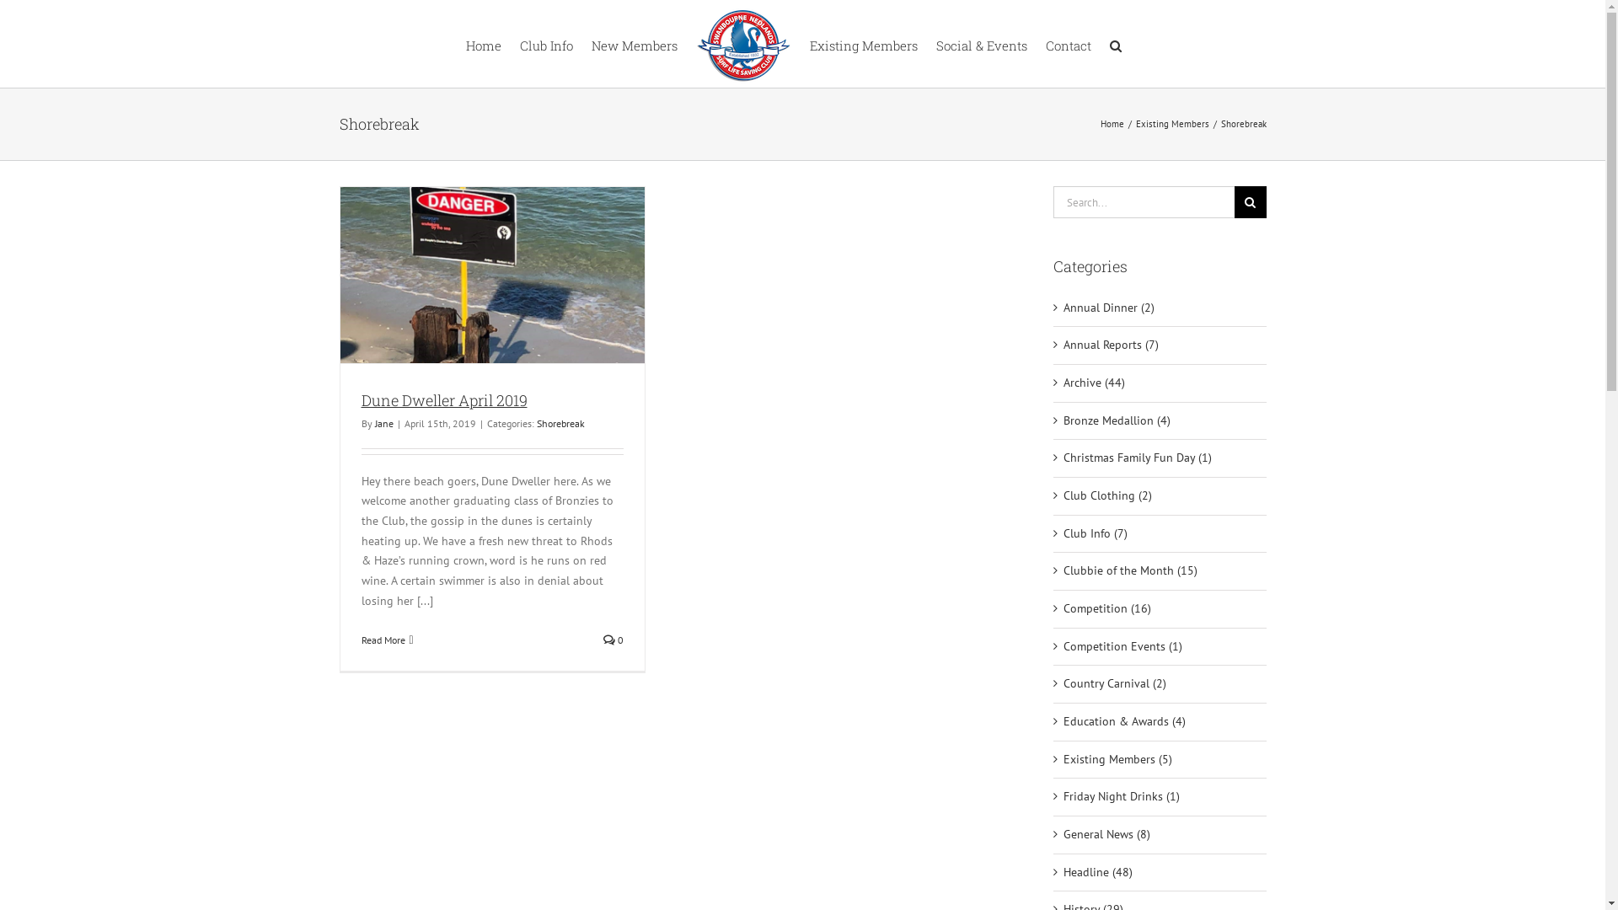  Describe the element at coordinates (1112, 122) in the screenshot. I see `'Home'` at that location.